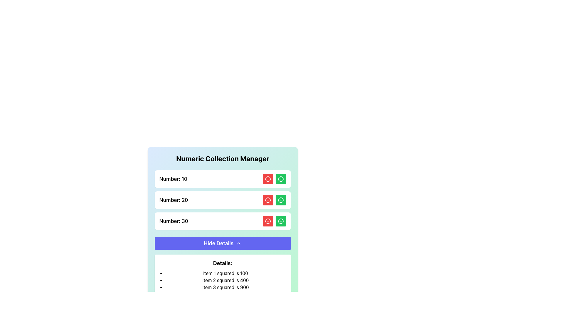 Image resolution: width=563 pixels, height=316 pixels. Describe the element at coordinates (280, 200) in the screenshot. I see `the circular green button with a white border and a plus sign inside, located to the right of the 'Number: 20' text field, to obtain visual feedback` at that location.